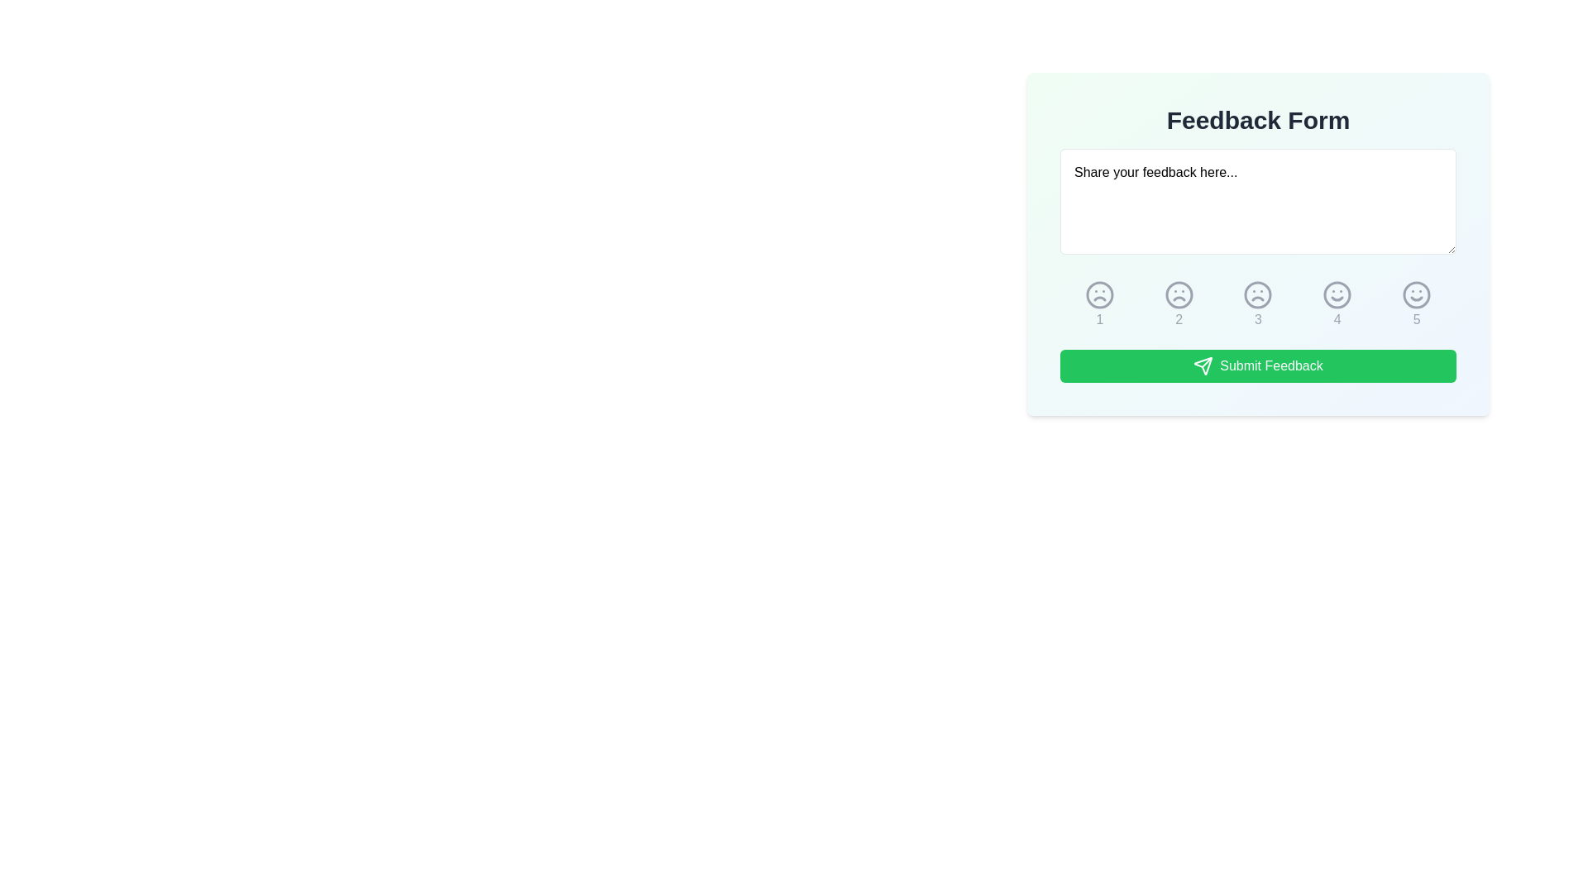  Describe the element at coordinates (1416, 305) in the screenshot. I see `the circular smiling face icon, which is the fifth icon in the feedback form` at that location.